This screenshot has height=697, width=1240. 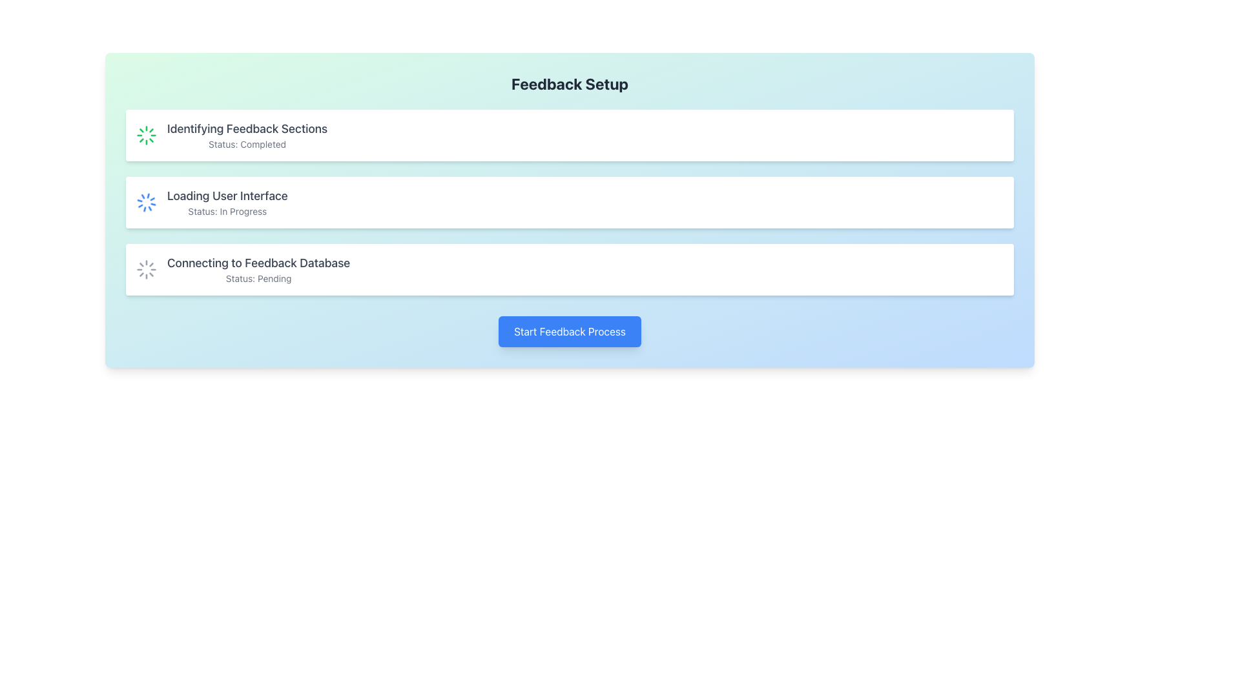 What do you see at coordinates (247, 129) in the screenshot?
I see `the title or description text for the task 'Identifying Feedback Sections', which is positioned at the top of the feedback tasks list` at bounding box center [247, 129].